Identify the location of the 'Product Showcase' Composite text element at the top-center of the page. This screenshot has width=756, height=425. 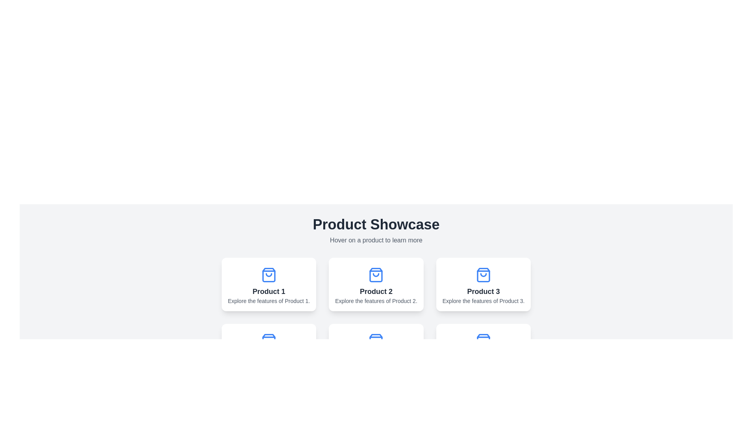
(376, 230).